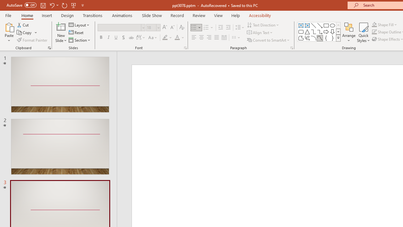 The image size is (403, 227). I want to click on 'AutoSave', so click(21, 5).